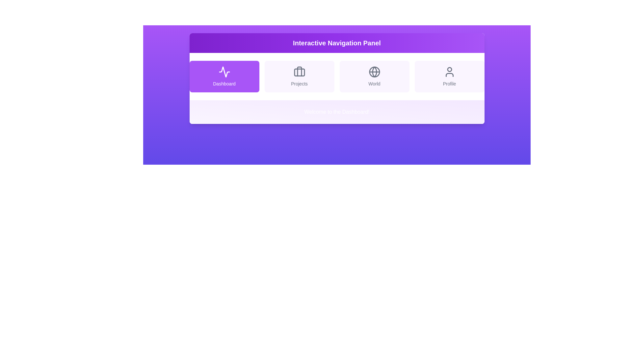  Describe the element at coordinates (374, 83) in the screenshot. I see `the text label displaying the word 'World' in gray font color, located below the globe icon in the third section of the grid layout` at that location.